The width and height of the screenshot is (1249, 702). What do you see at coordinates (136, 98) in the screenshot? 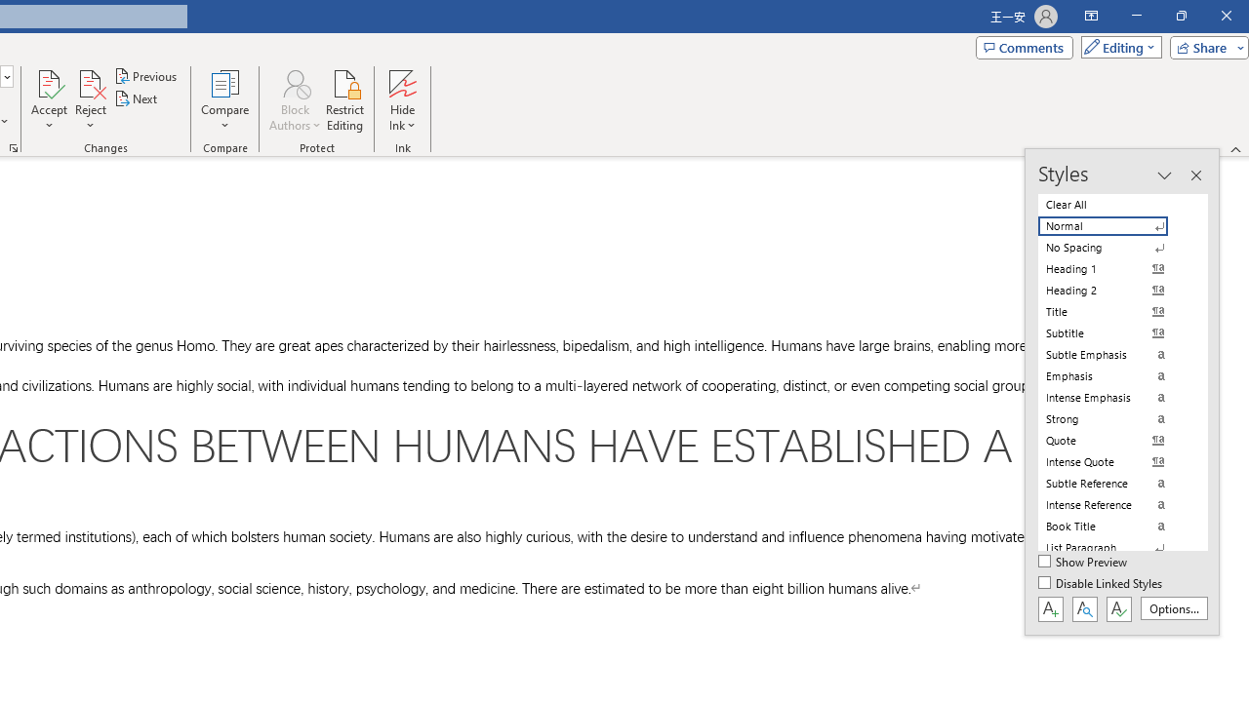
I see `'Next'` at bounding box center [136, 98].